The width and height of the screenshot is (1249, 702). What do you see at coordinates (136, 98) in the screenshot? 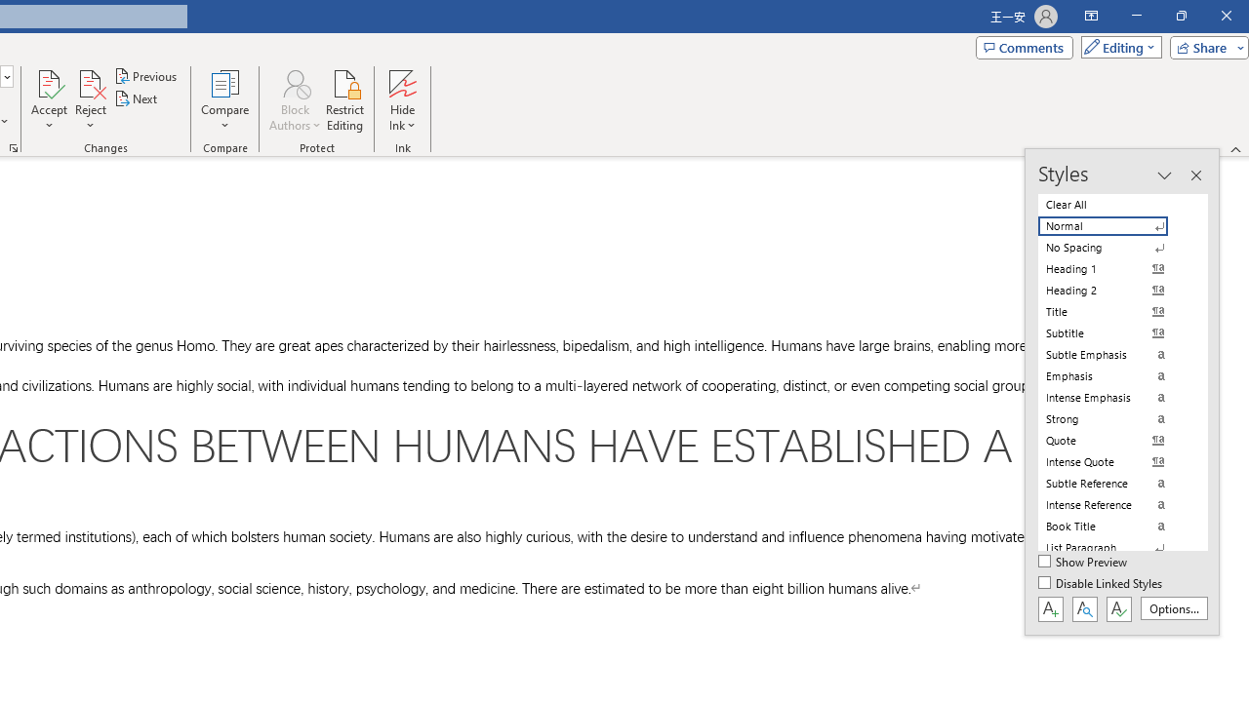
I see `'Next'` at bounding box center [136, 98].